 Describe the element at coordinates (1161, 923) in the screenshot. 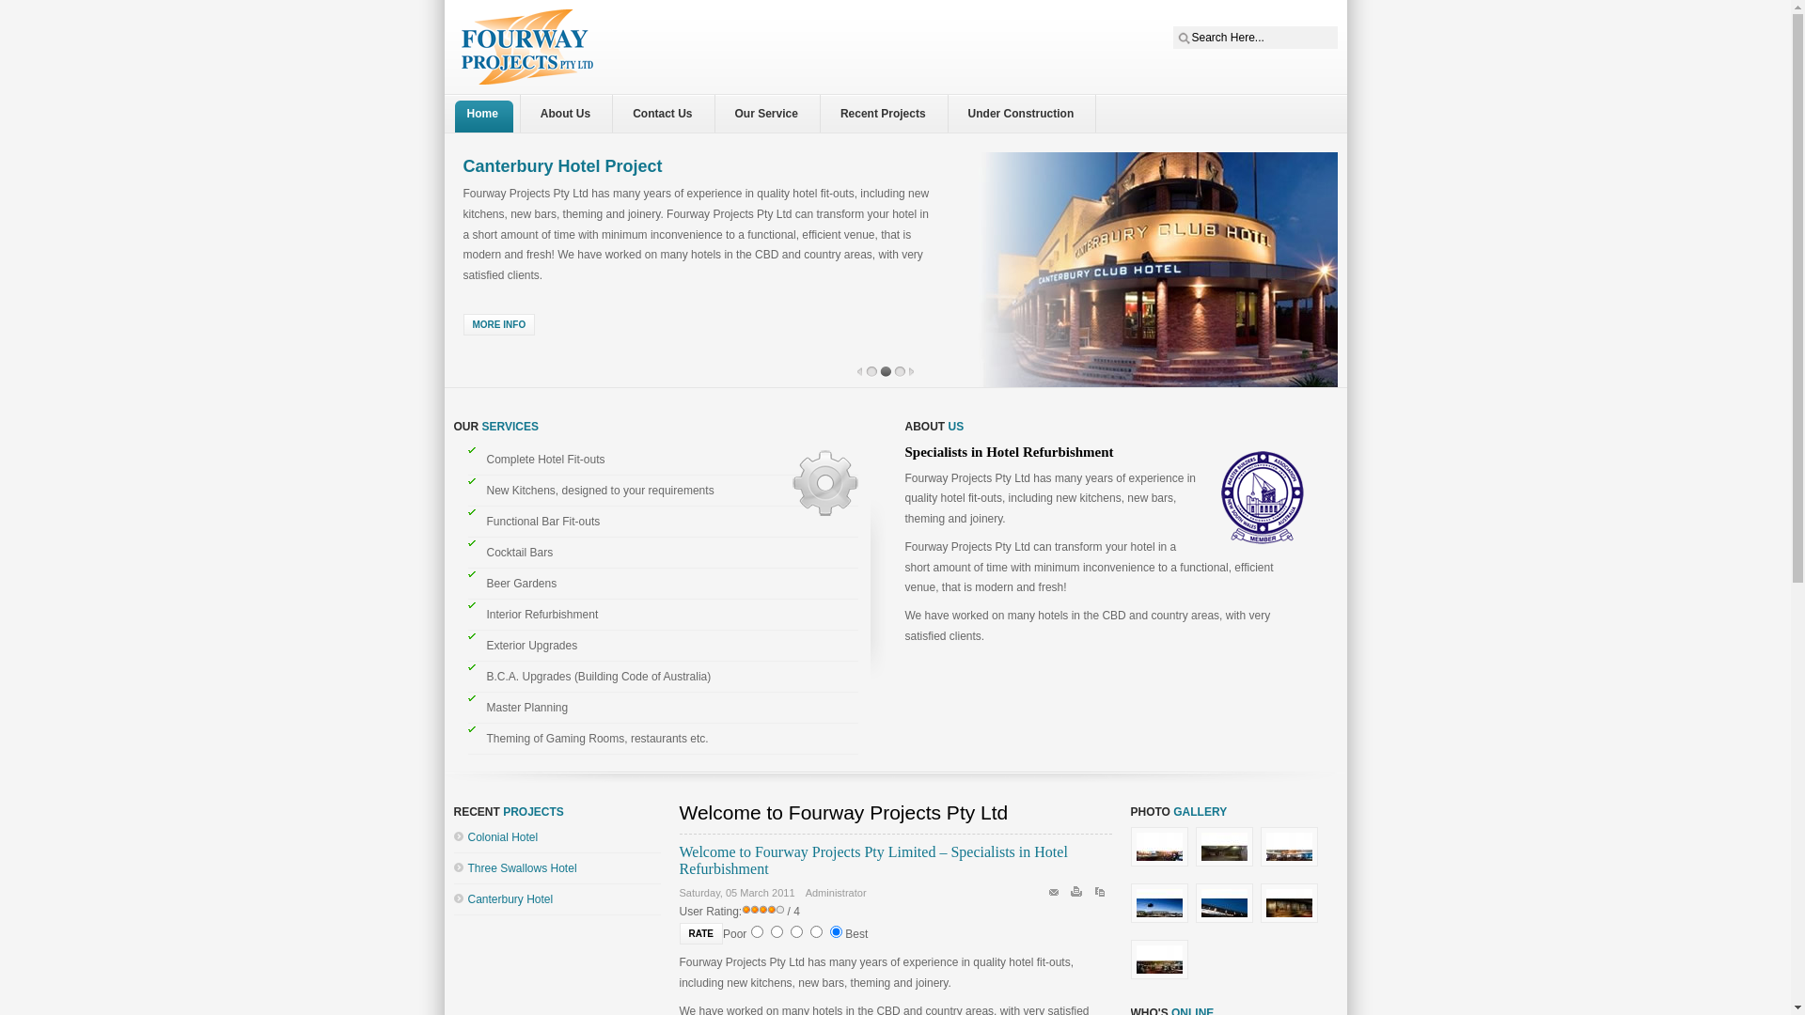

I see `'Photo Gallery'` at that location.